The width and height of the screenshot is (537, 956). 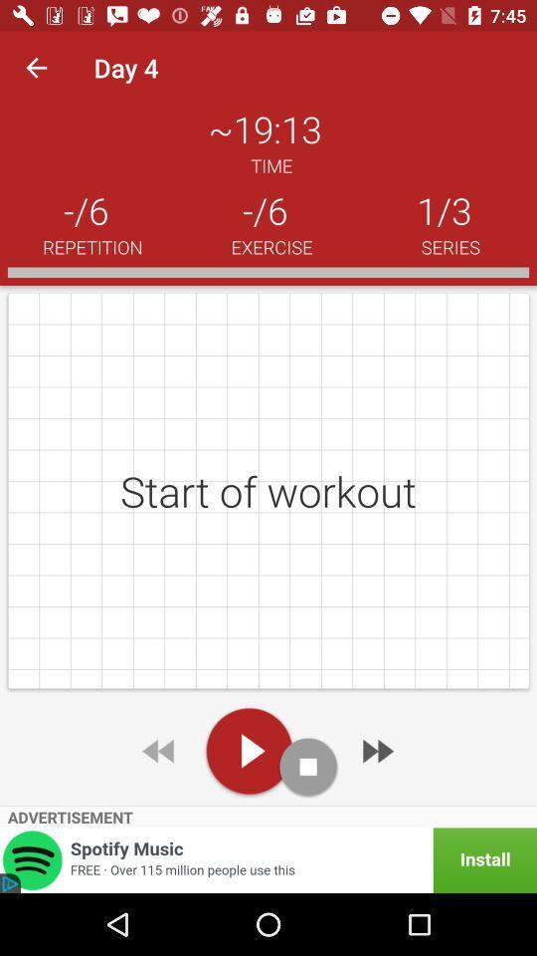 What do you see at coordinates (308, 766) in the screenshot?
I see `stop` at bounding box center [308, 766].